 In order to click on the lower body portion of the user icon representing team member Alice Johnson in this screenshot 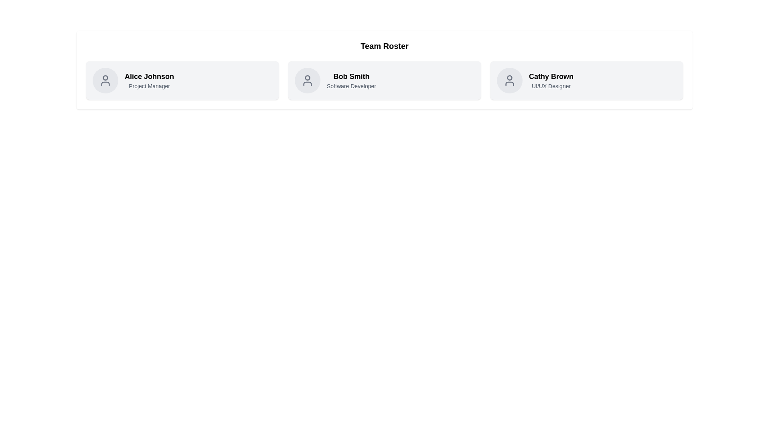, I will do `click(105, 83)`.